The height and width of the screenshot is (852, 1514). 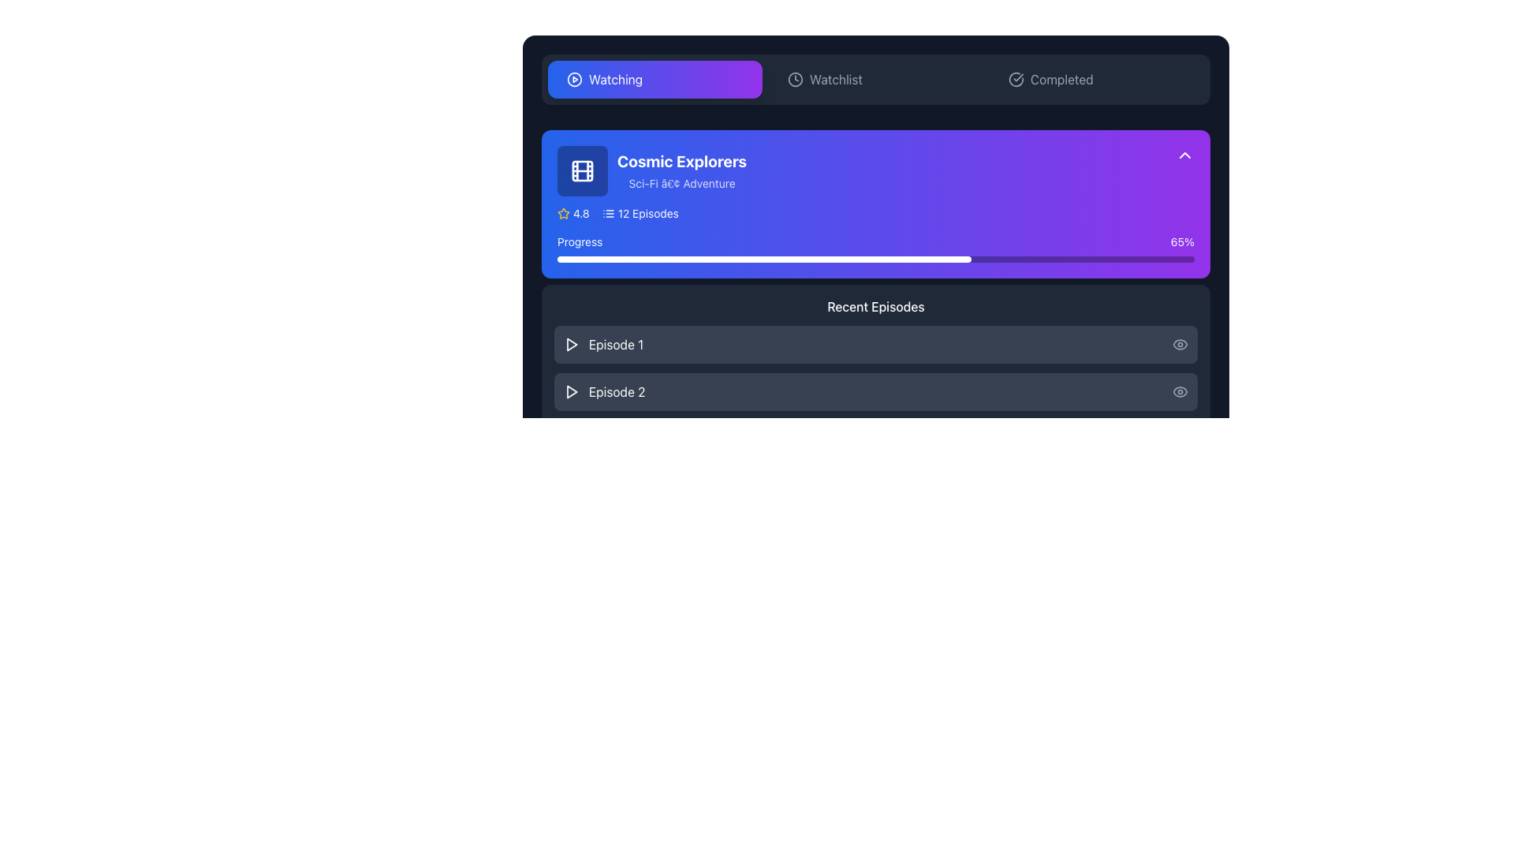 What do you see at coordinates (574, 79) in the screenshot?
I see `the circular play button icon located within the 'Watching' button in the upper left section of the interface` at bounding box center [574, 79].